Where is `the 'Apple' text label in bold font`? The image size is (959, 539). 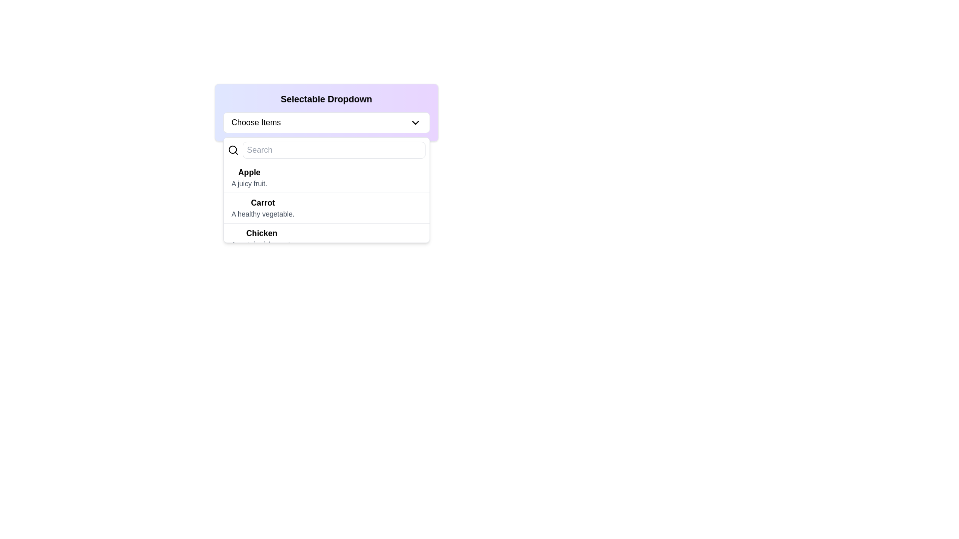 the 'Apple' text label in bold font is located at coordinates (249, 172).